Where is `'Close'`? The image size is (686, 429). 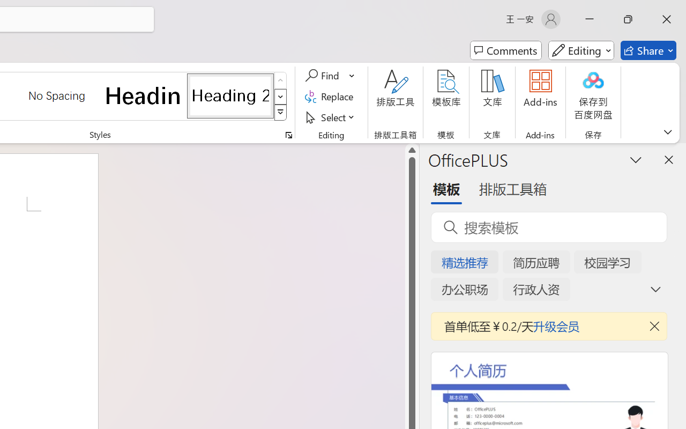 'Close' is located at coordinates (666, 19).